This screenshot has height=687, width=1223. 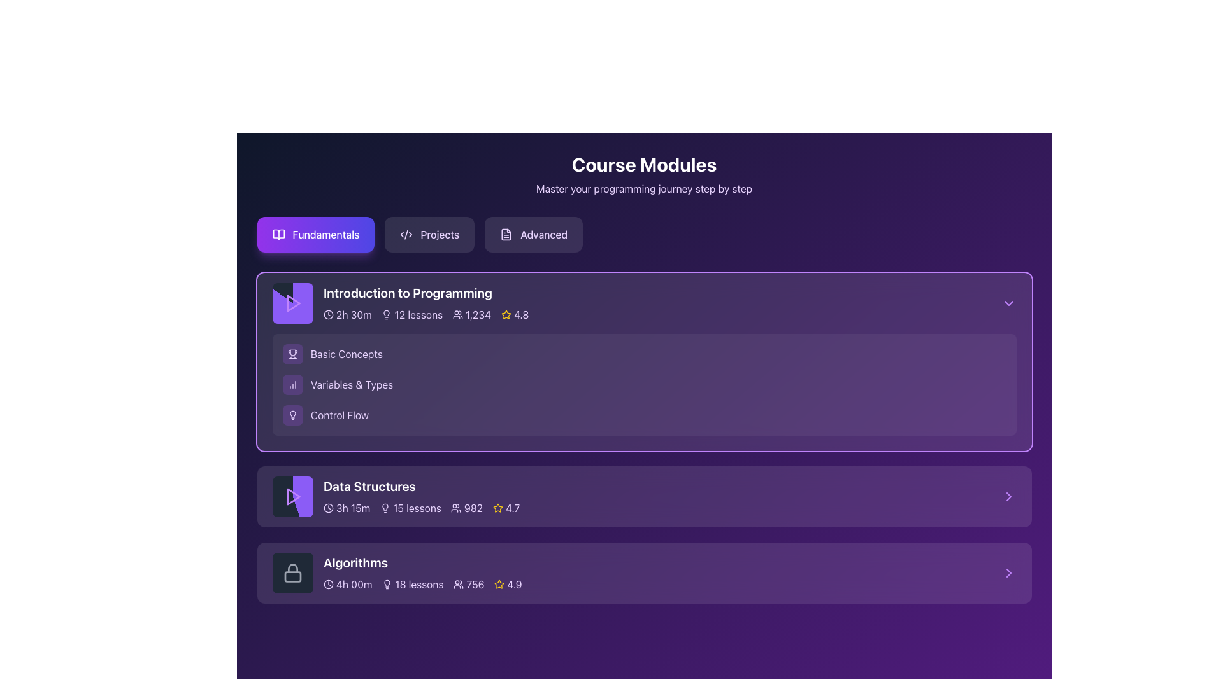 I want to click on the triangular play symbol icon with a purple hue located in the top-left position of the 'Introduction to Programming' course module card, so click(x=292, y=303).